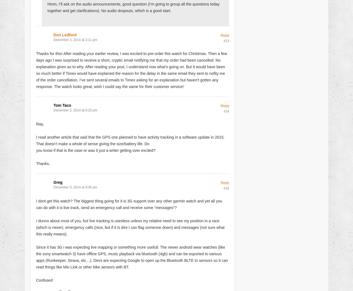 The image size is (353, 291). I want to click on 'December 3, 2014 at 9:45 am', so click(75, 186).